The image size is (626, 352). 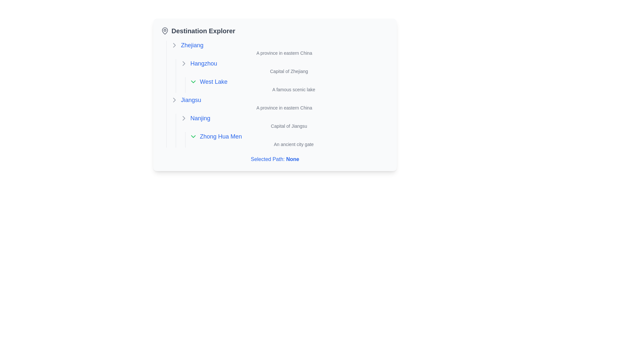 I want to click on the map pin icon representing the location or point of interest next to the 'Destination Explorer' heading, so click(x=165, y=30).